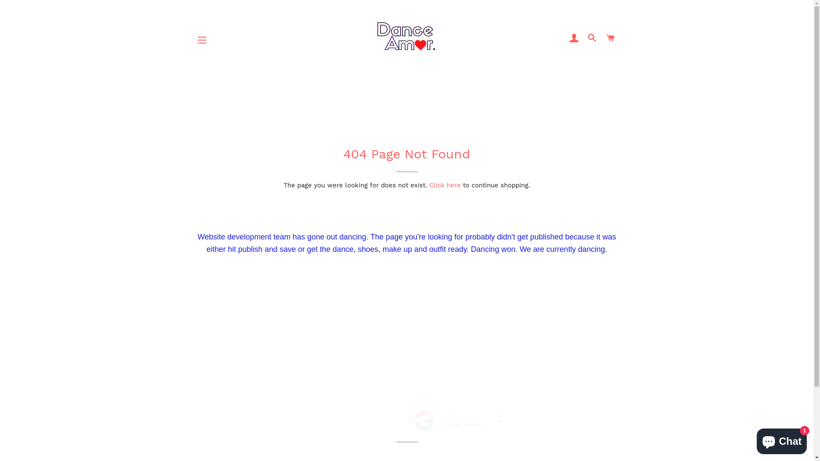  I want to click on 'LOG IN', so click(574, 38).